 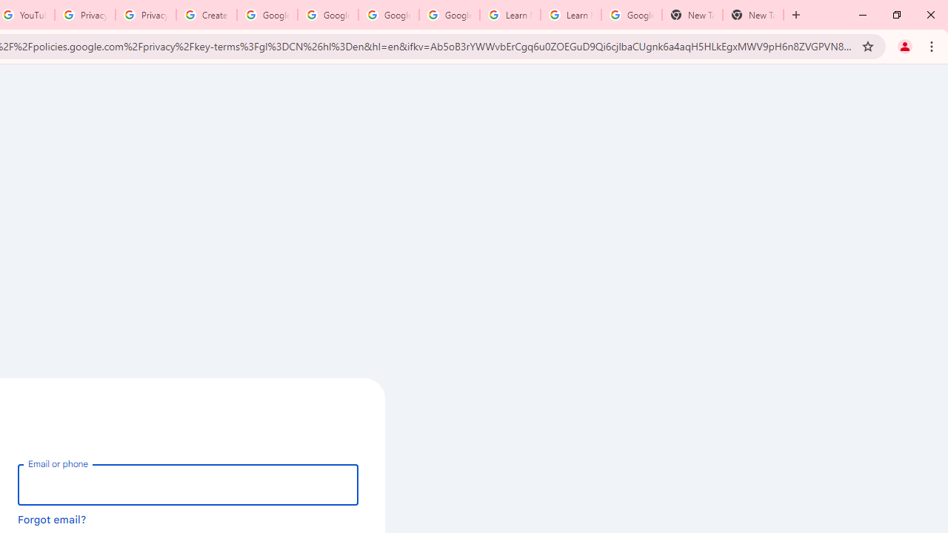 What do you see at coordinates (187, 484) in the screenshot?
I see `'Email or phone'` at bounding box center [187, 484].